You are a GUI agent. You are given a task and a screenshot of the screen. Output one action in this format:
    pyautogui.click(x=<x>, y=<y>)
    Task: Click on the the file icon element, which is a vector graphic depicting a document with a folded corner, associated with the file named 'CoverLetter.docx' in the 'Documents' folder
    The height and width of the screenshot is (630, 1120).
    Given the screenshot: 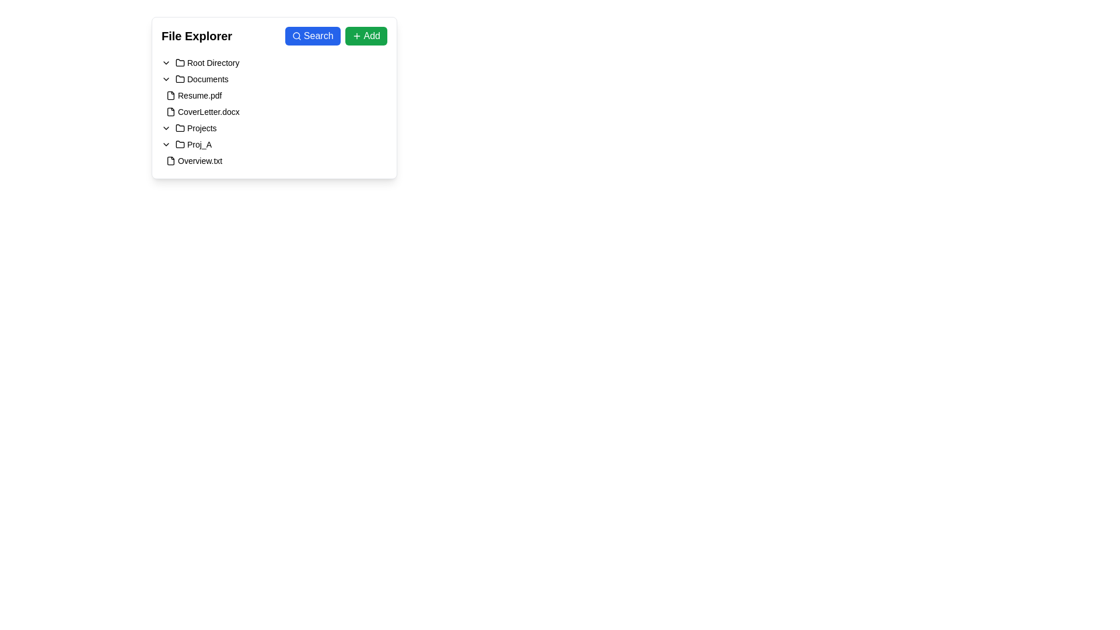 What is the action you would take?
    pyautogui.click(x=170, y=112)
    